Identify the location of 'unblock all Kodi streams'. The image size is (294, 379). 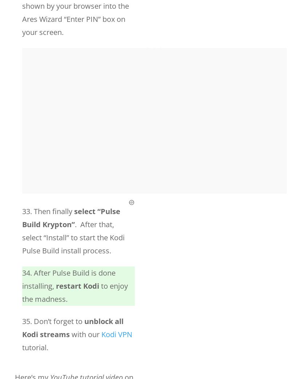
(72, 327).